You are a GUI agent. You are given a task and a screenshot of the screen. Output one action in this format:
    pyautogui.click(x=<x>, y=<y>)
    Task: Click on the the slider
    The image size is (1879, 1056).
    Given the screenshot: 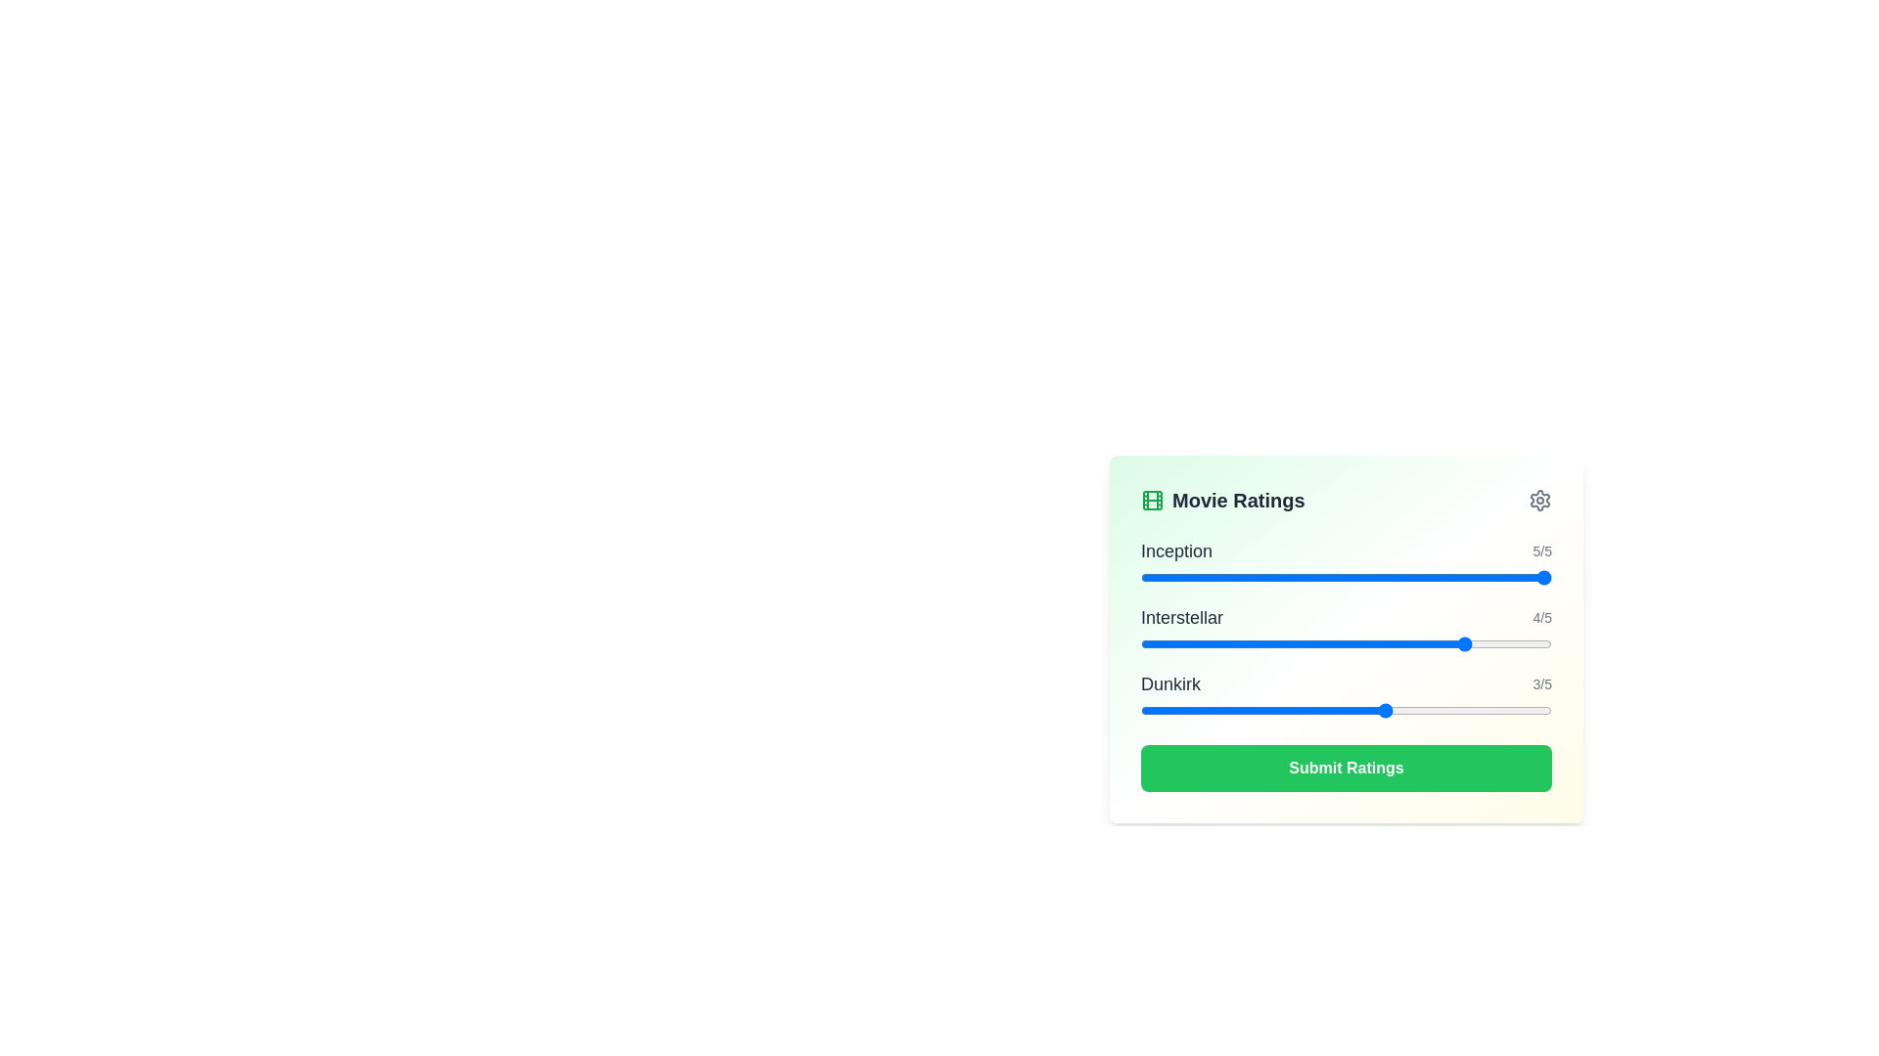 What is the action you would take?
    pyautogui.click(x=1221, y=644)
    